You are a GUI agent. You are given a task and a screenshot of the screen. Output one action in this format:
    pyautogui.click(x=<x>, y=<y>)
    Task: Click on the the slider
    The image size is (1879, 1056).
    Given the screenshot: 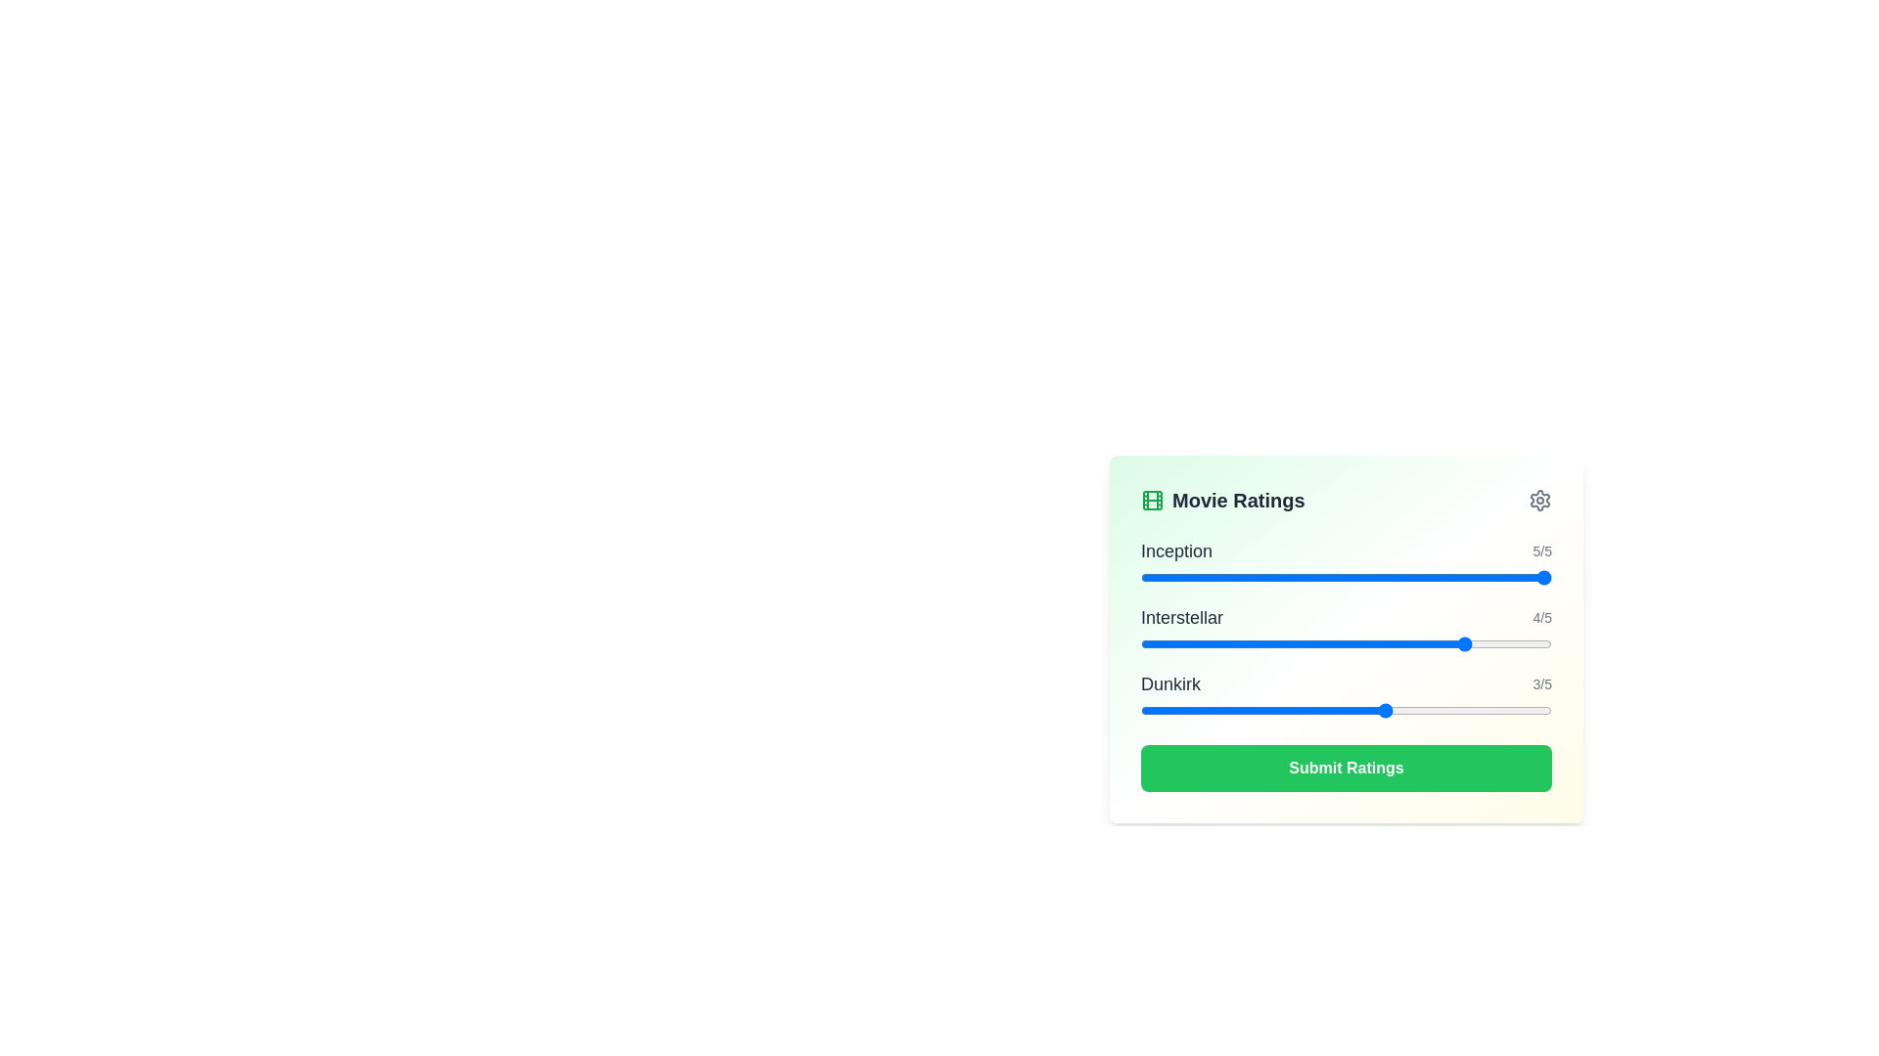 What is the action you would take?
    pyautogui.click(x=1221, y=644)
    